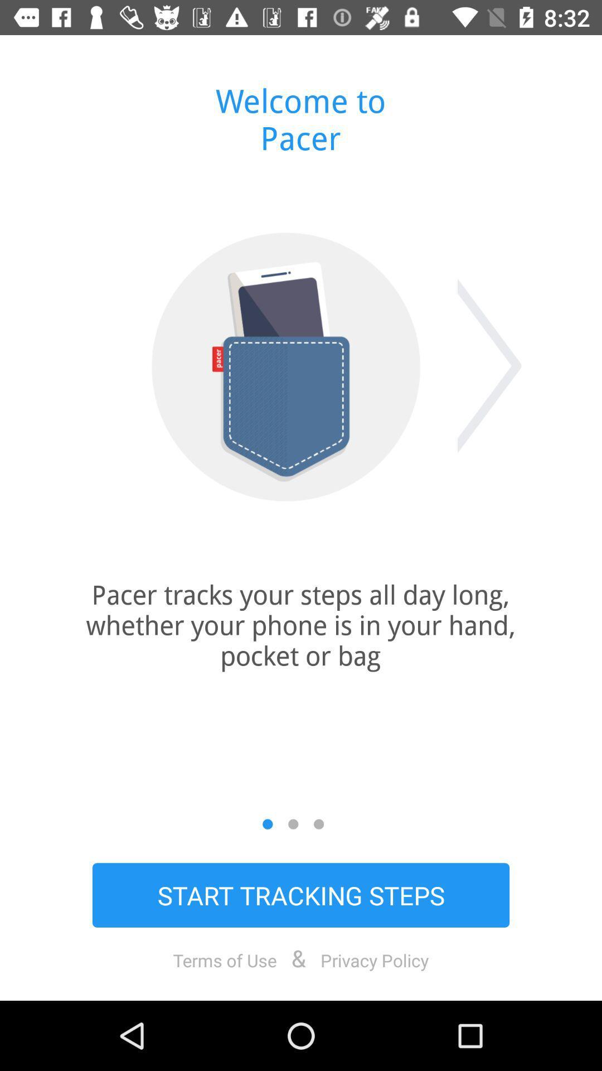 The image size is (602, 1071). What do you see at coordinates (375, 959) in the screenshot?
I see `item next to & icon` at bounding box center [375, 959].